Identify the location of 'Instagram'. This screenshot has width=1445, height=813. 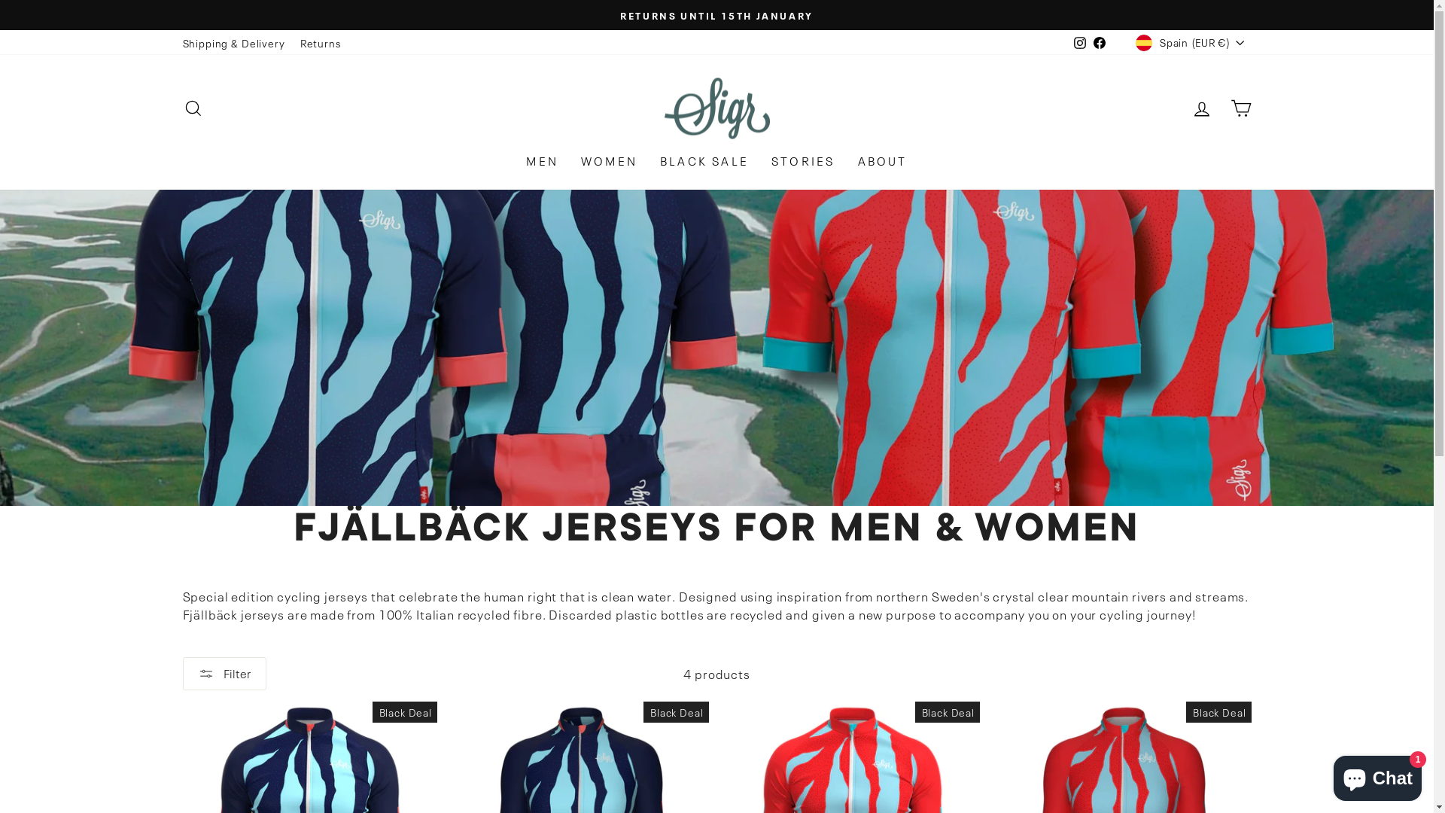
(1069, 41).